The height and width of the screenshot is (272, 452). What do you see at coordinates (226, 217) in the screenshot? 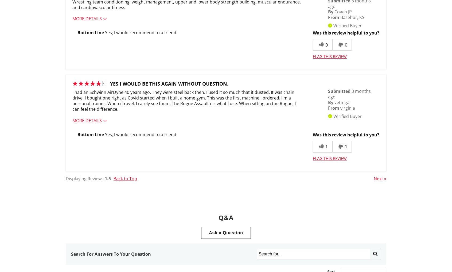
I see `'Q&A'` at bounding box center [226, 217].